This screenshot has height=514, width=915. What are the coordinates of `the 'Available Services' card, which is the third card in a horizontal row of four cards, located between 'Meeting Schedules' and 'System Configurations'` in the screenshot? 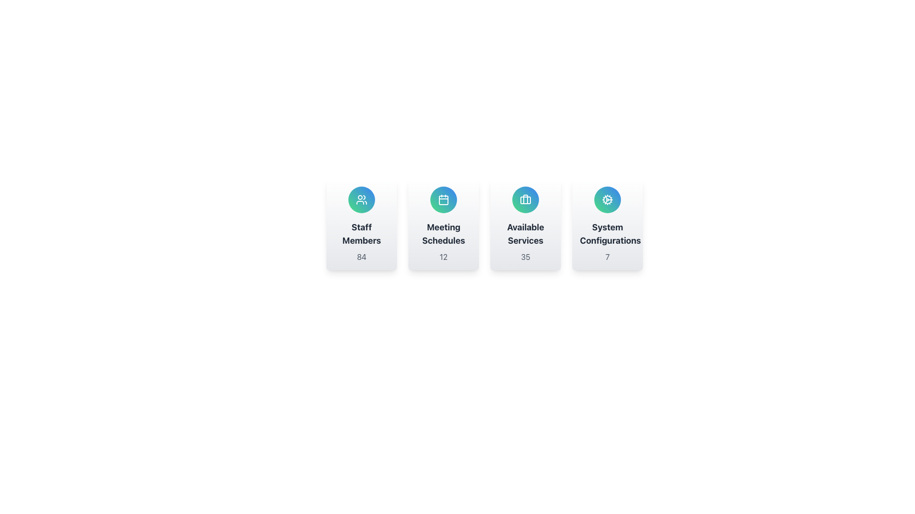 It's located at (525, 224).